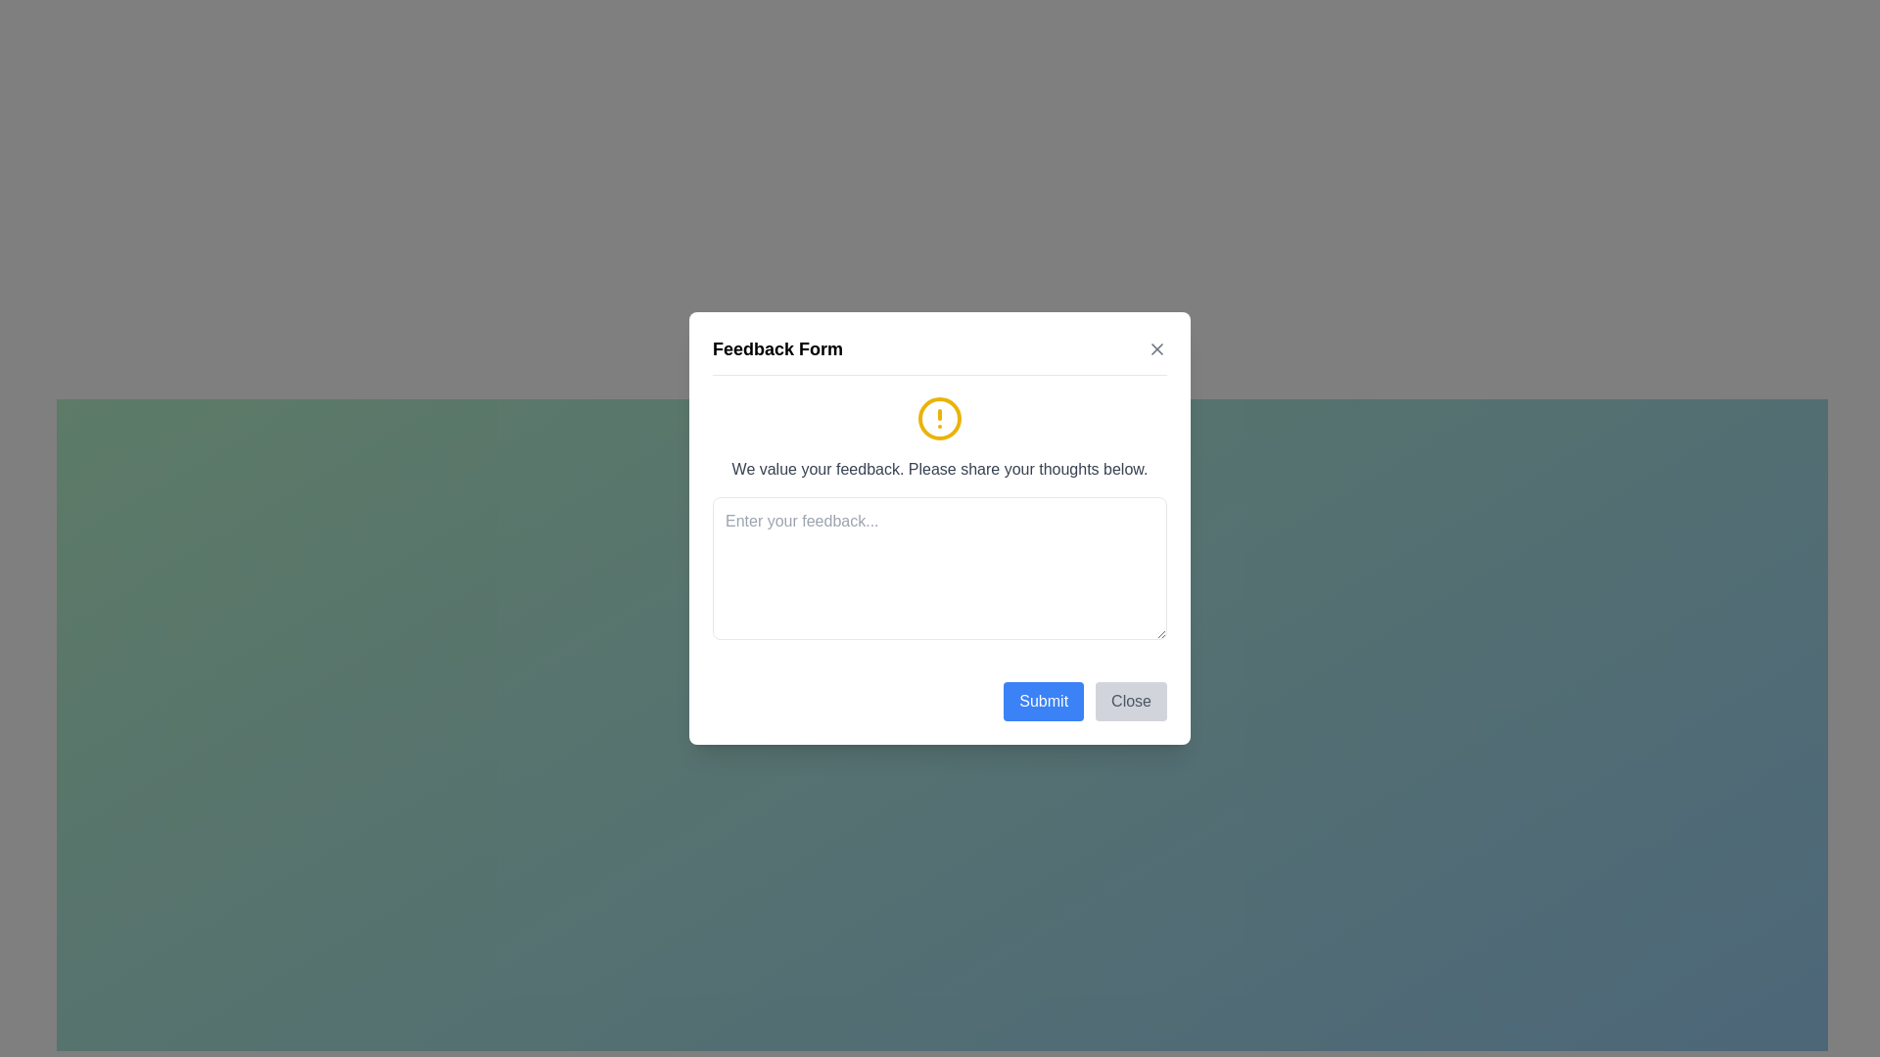 Image resolution: width=1880 pixels, height=1057 pixels. What do you see at coordinates (940, 528) in the screenshot?
I see `the text area in the feedback modal dialog box that allows users to provide their thoughts or opinions` at bounding box center [940, 528].